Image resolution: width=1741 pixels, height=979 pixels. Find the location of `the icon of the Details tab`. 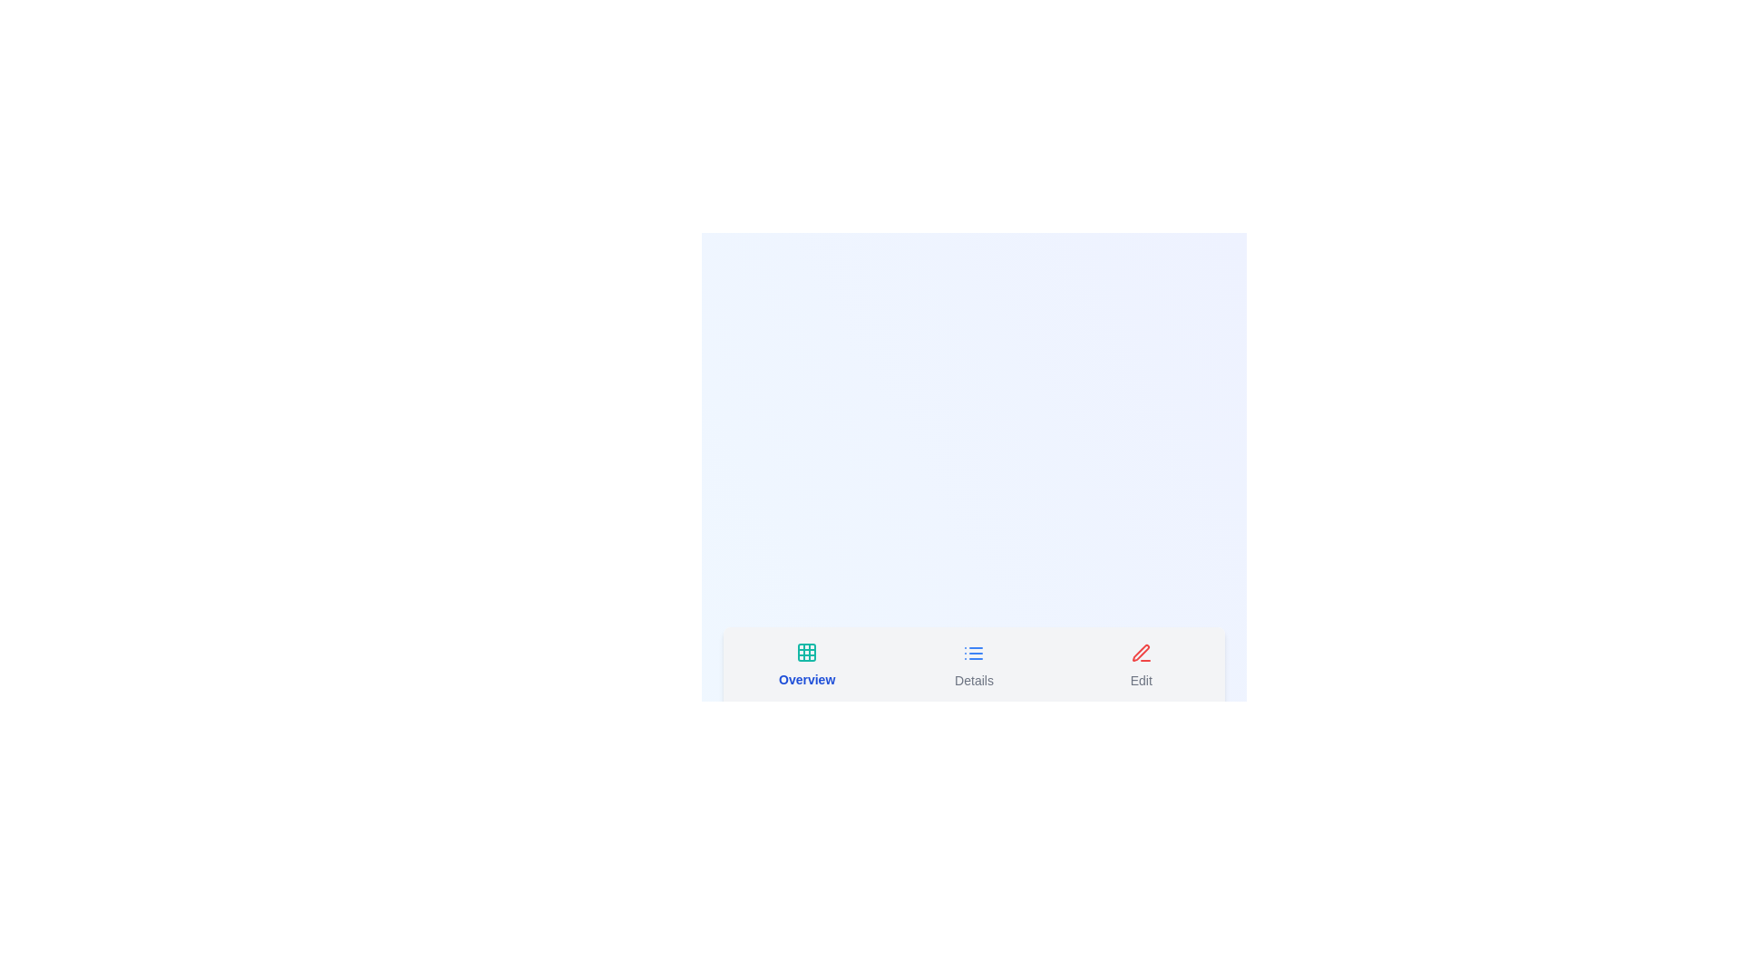

the icon of the Details tab is located at coordinates (973, 653).